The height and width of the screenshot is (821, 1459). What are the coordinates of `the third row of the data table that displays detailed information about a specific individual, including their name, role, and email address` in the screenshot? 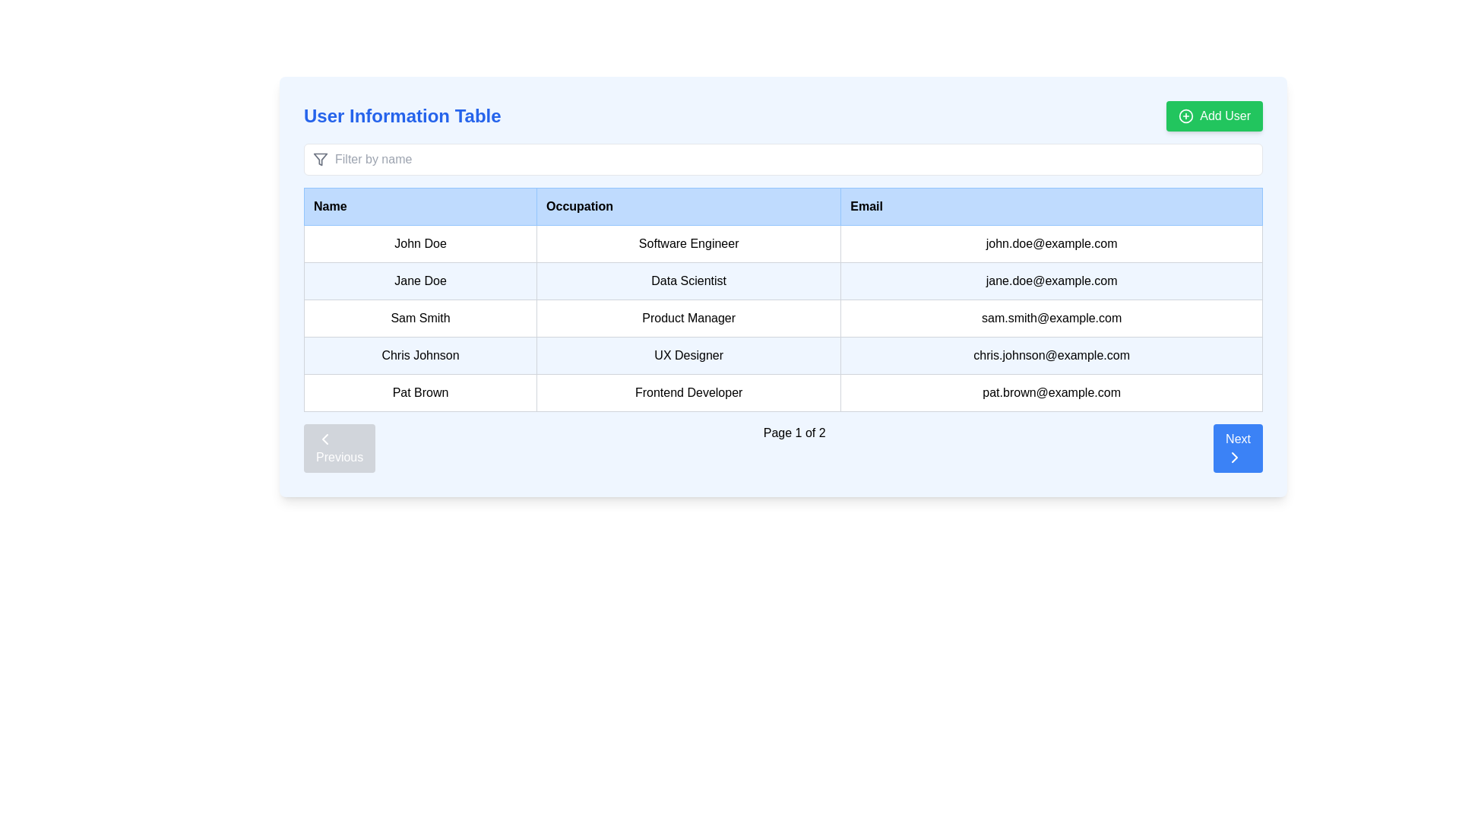 It's located at (783, 318).